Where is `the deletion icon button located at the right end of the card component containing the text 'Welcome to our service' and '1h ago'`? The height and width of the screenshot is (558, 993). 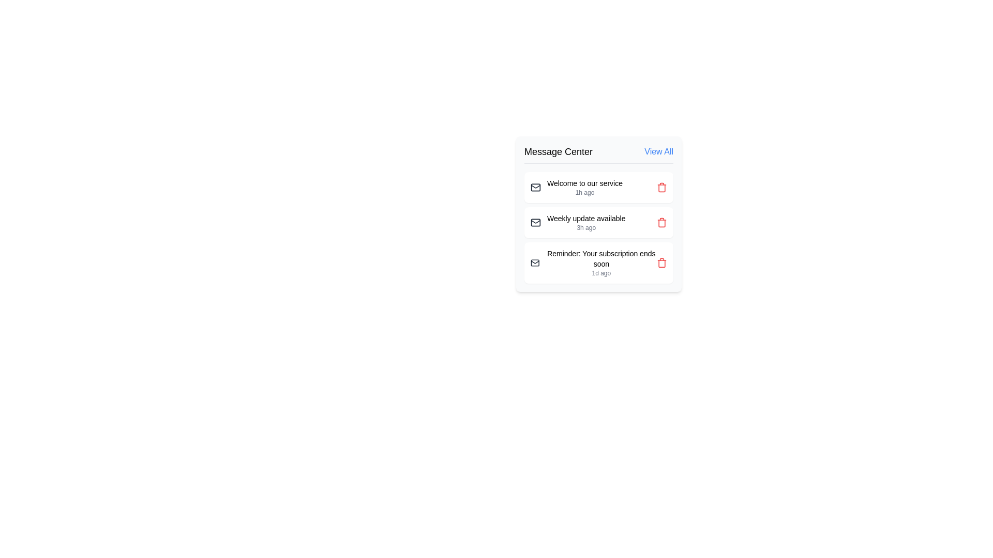
the deletion icon button located at the right end of the card component containing the text 'Welcome to our service' and '1h ago' is located at coordinates (662, 187).